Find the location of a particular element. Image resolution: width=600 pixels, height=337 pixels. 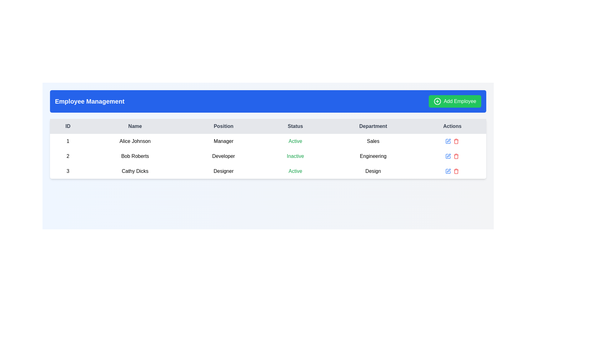

header label for the 'ID' column of the table, which is a non-interactive text label located at the far left of the header row is located at coordinates (68, 126).